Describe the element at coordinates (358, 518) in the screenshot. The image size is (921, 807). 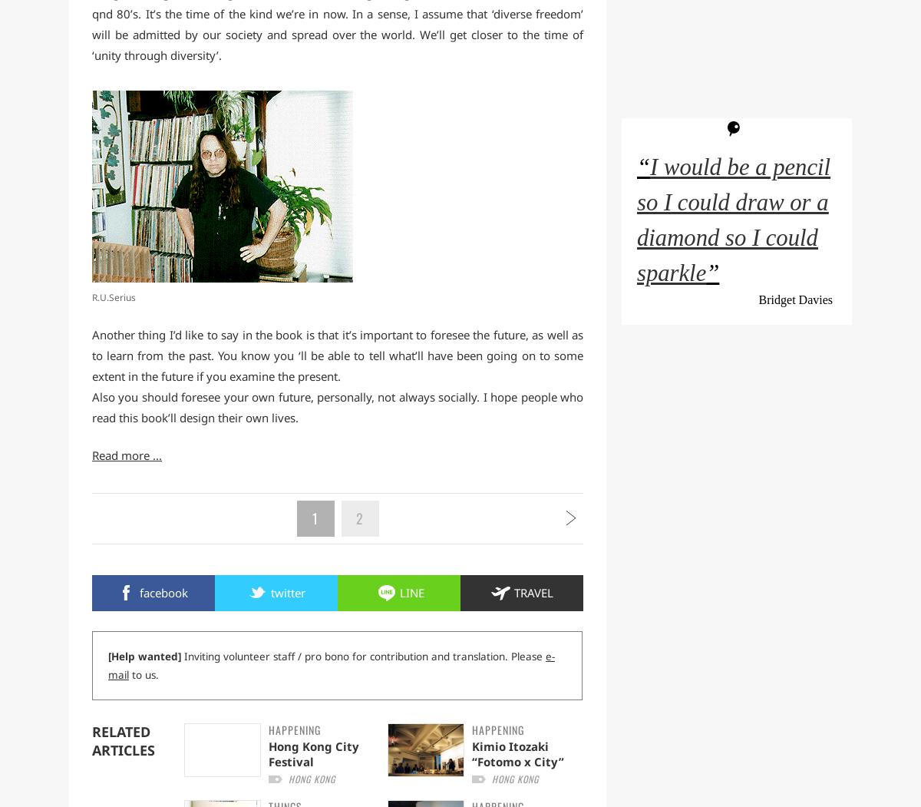
I see `'2'` at that location.